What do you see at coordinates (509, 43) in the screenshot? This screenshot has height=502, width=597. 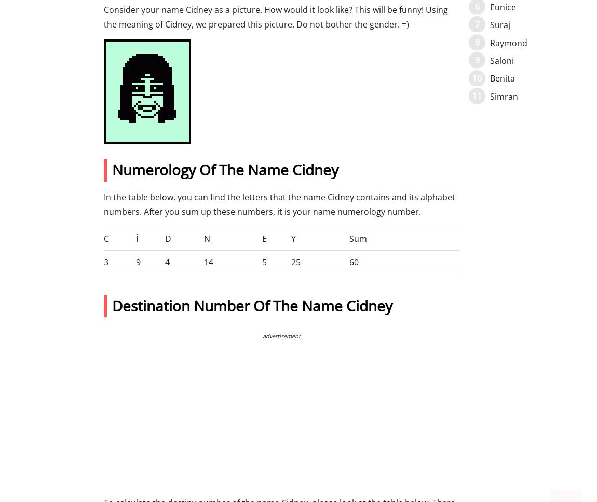 I see `'Raymond'` at bounding box center [509, 43].